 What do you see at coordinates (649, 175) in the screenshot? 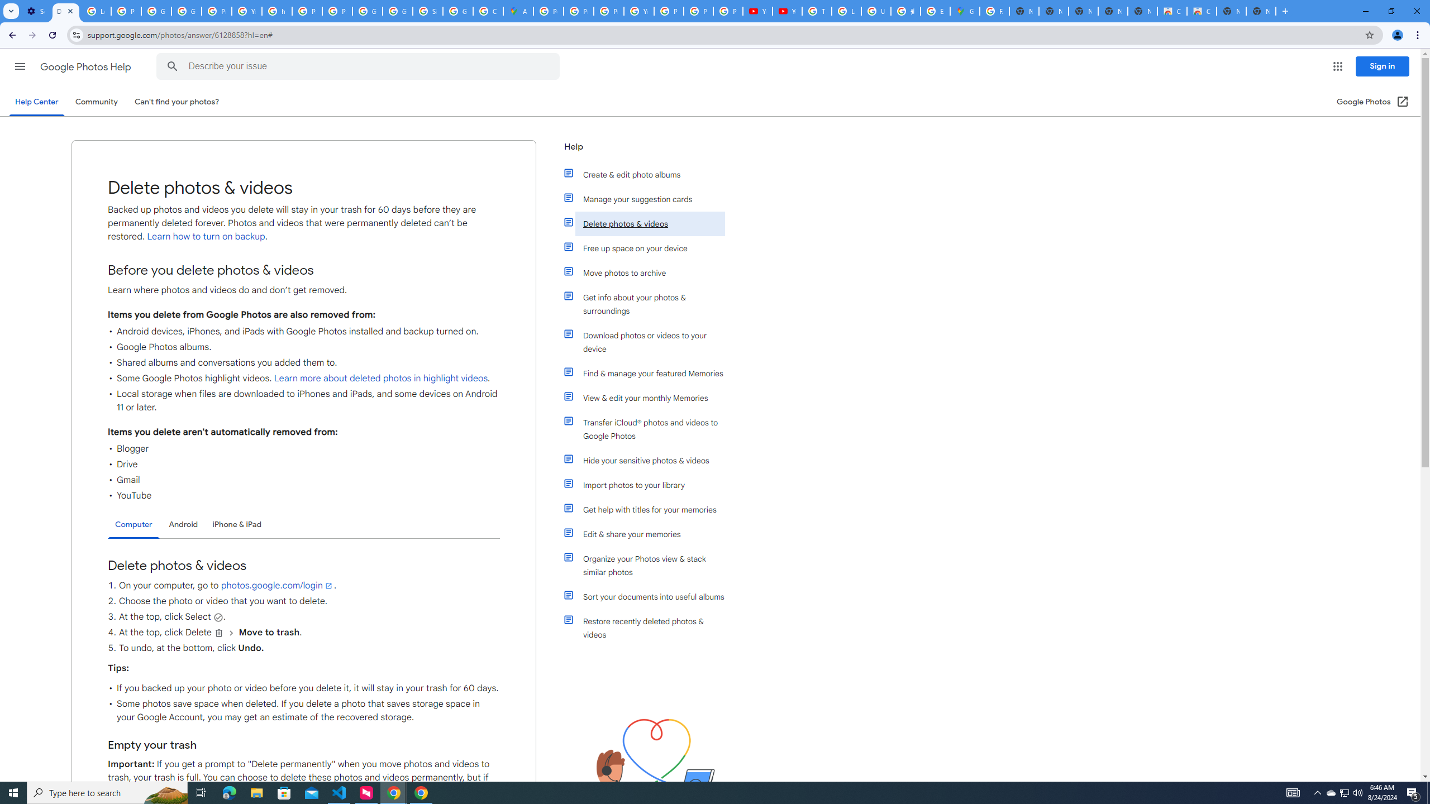
I see `'Create & edit photo albums'` at bounding box center [649, 175].